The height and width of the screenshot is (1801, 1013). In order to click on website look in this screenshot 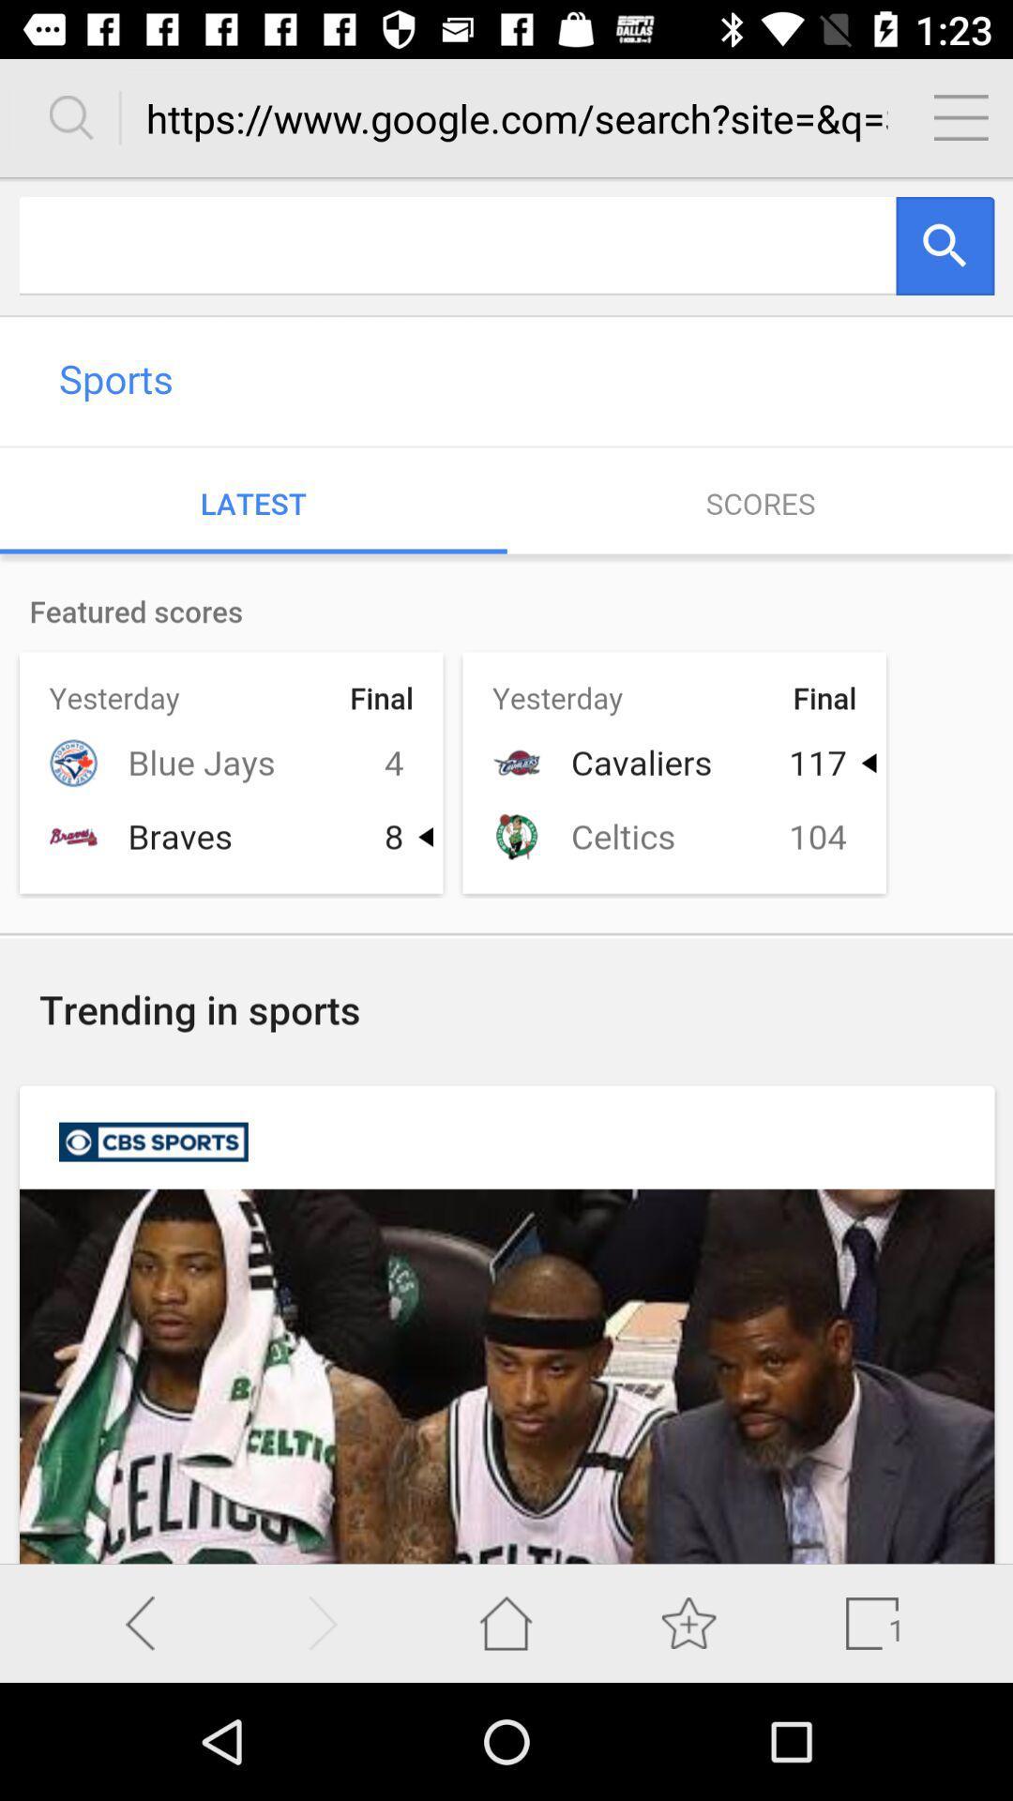, I will do `click(506, 870)`.